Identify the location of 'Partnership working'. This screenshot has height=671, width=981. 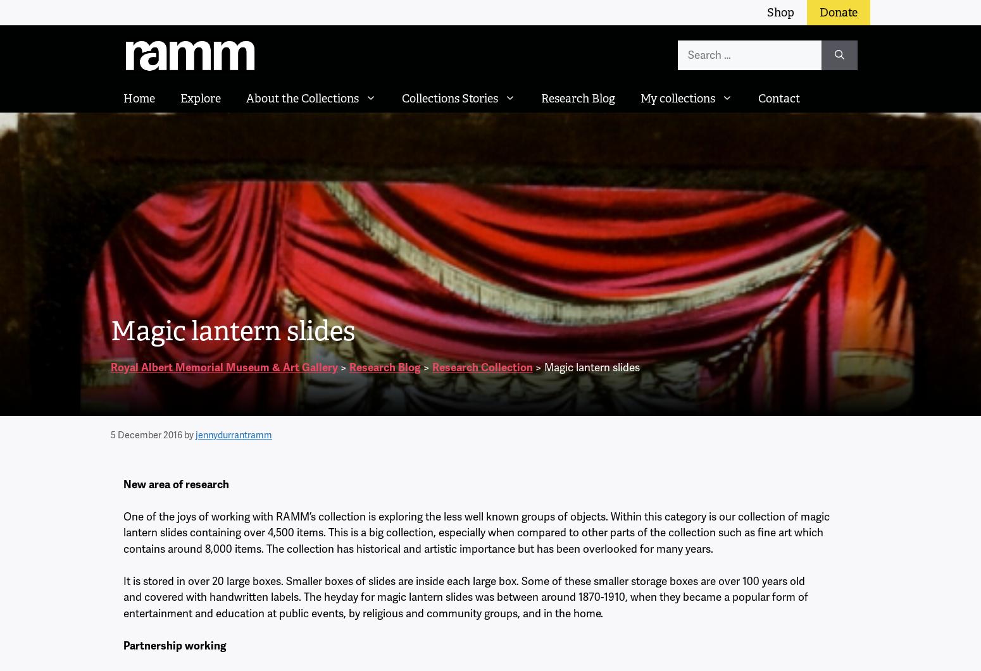
(175, 644).